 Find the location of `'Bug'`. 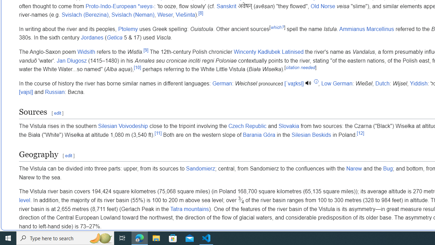

'Bug' is located at coordinates (388, 168).